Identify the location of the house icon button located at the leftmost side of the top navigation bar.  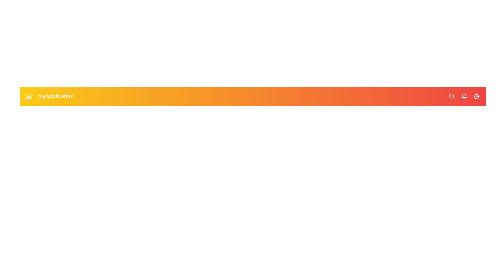
(28, 96).